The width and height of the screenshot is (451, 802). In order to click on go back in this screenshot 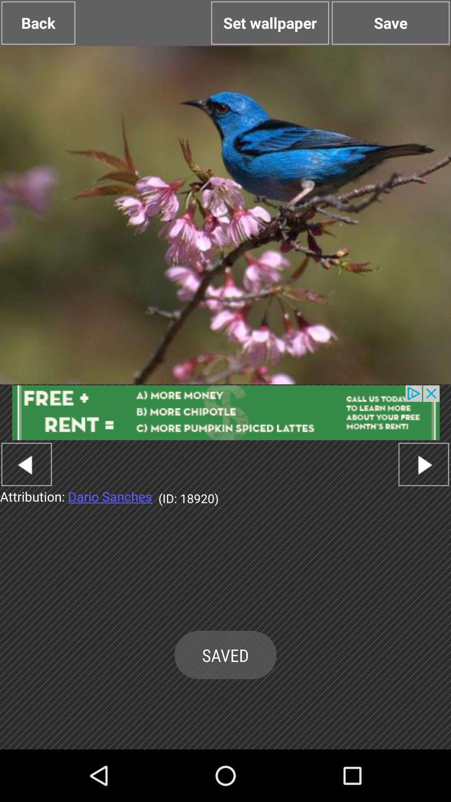, I will do `click(26, 464)`.